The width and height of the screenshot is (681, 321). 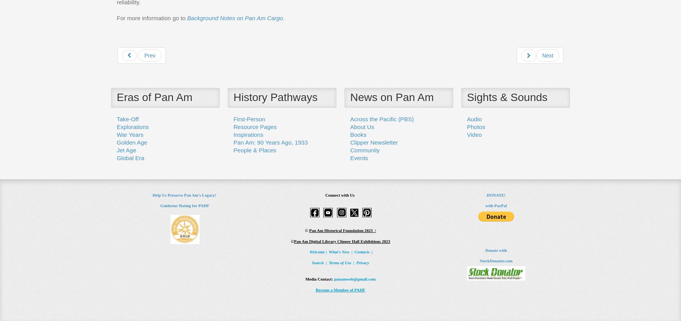 What do you see at coordinates (270, 142) in the screenshot?
I see `'Pan Am: 90 Years Ago, 1933'` at bounding box center [270, 142].